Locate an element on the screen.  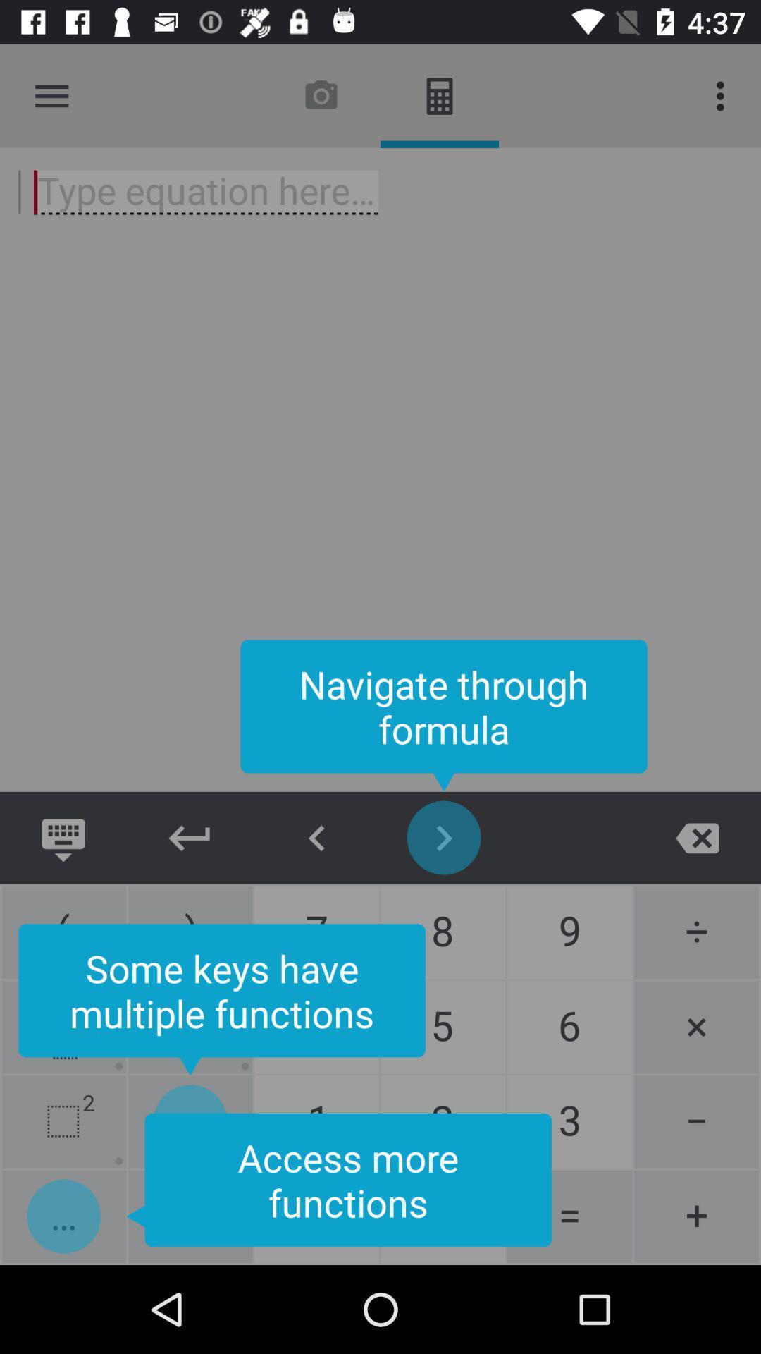
icon below the navigate through formula item is located at coordinates (190, 838).